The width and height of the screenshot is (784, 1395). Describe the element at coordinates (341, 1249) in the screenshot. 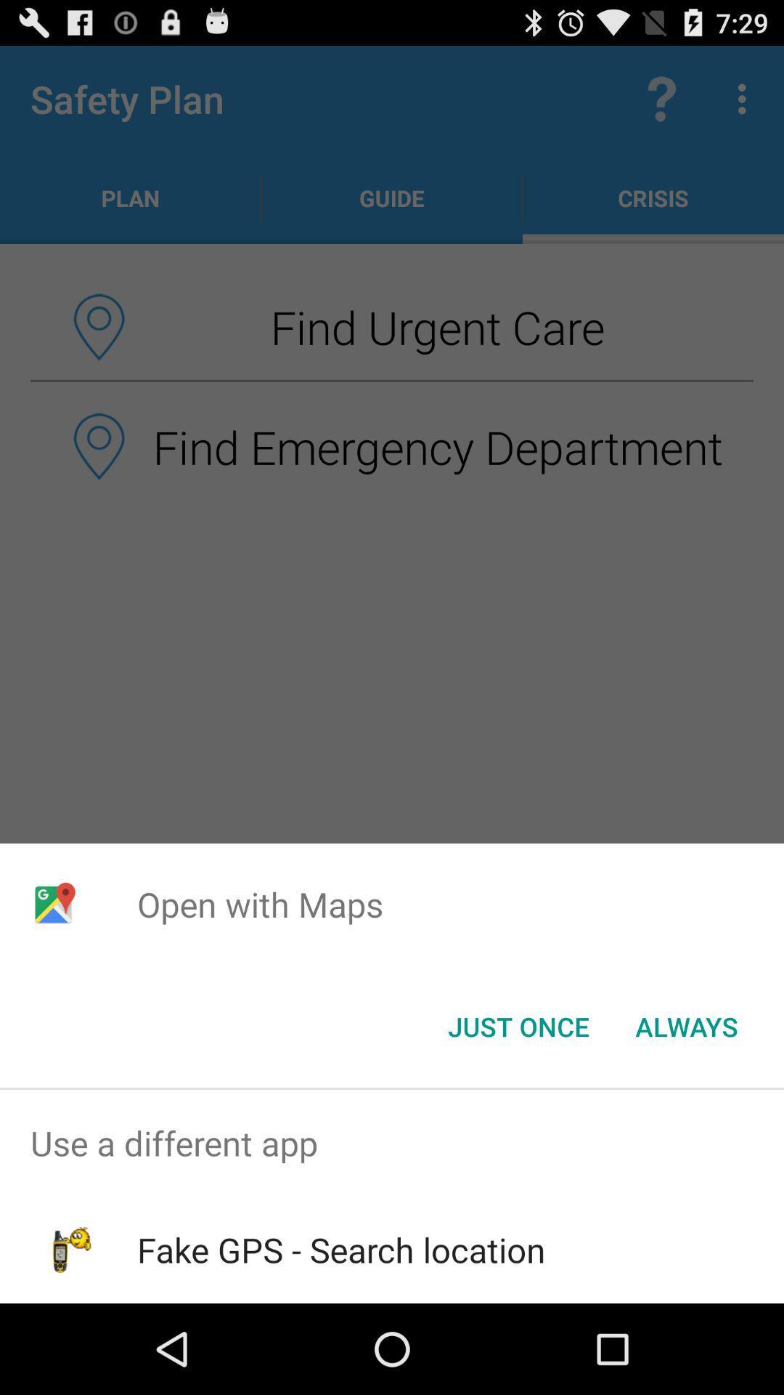

I see `the fake gps search app` at that location.